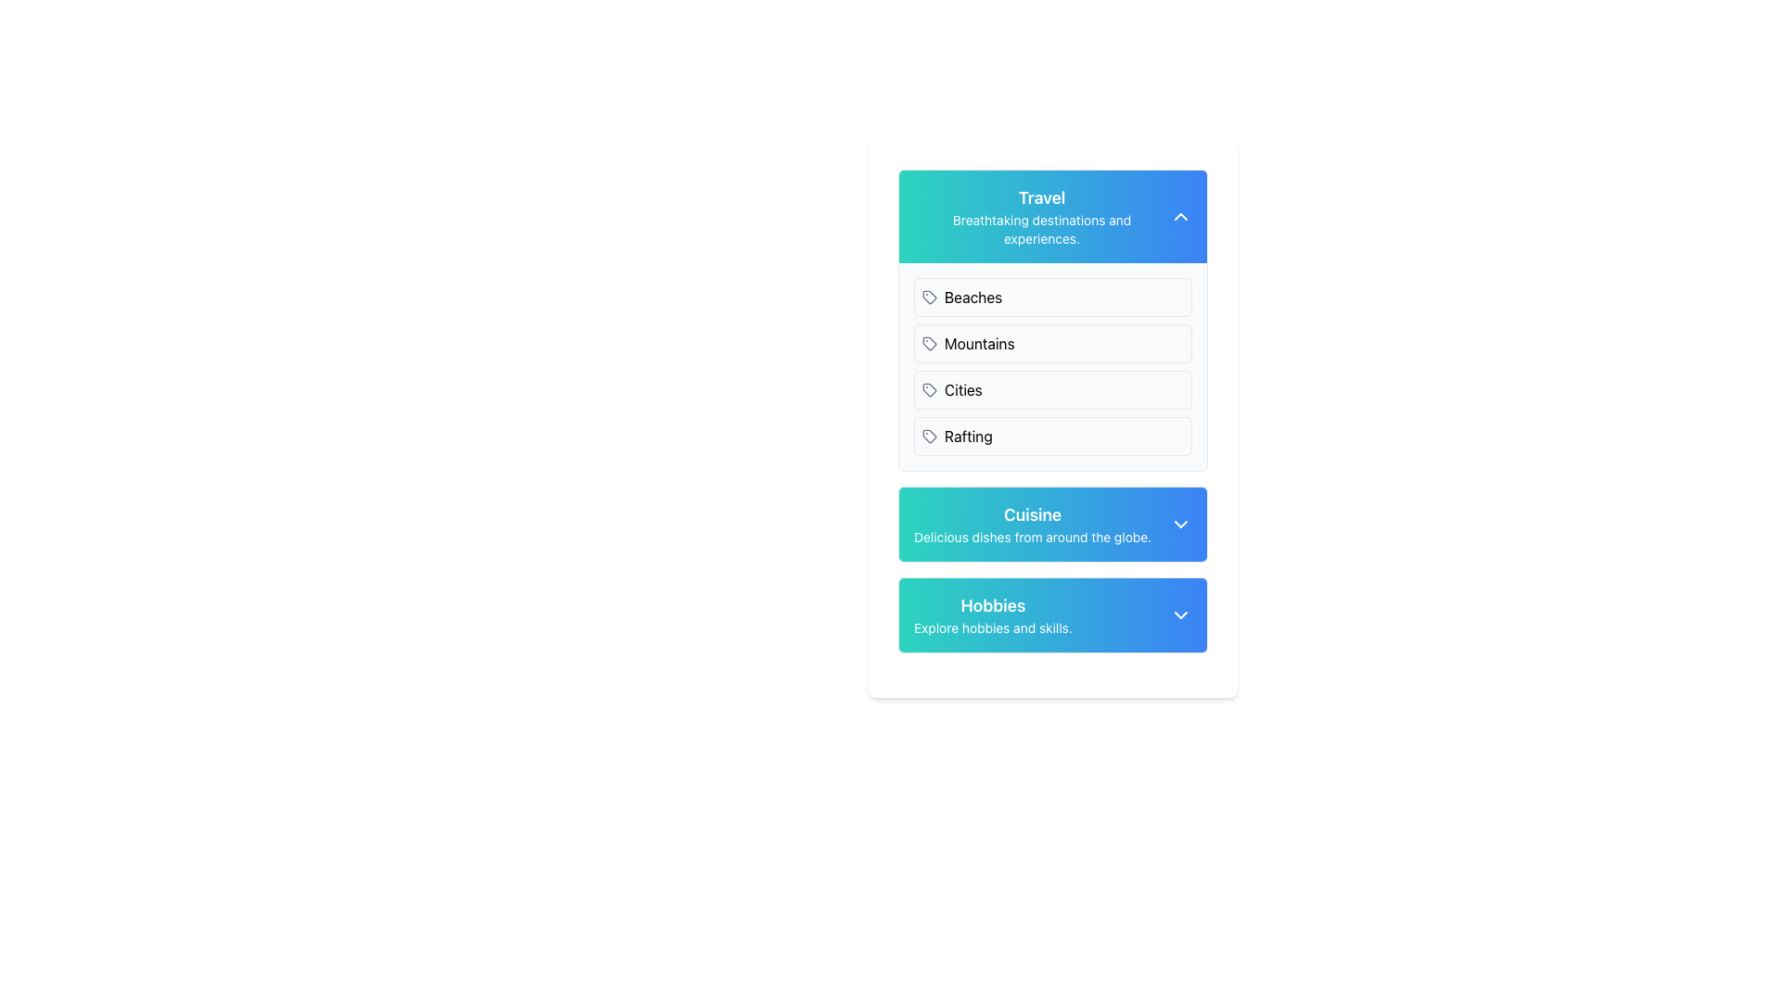 This screenshot has width=1780, height=1001. I want to click on descriptive subtitle for the 'Travel' section, which is presented as static text located centrally beneath the 'Travel' title, so click(1041, 228).